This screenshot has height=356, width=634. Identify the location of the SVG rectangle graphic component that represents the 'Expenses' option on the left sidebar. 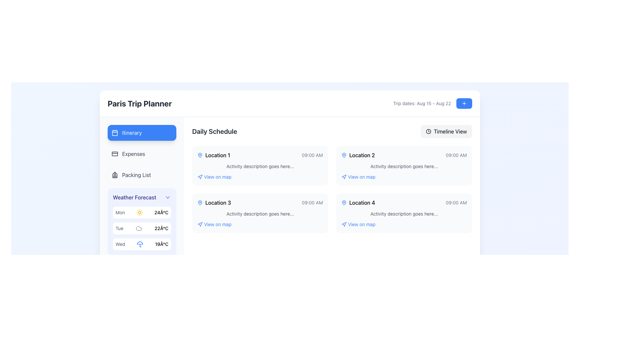
(115, 154).